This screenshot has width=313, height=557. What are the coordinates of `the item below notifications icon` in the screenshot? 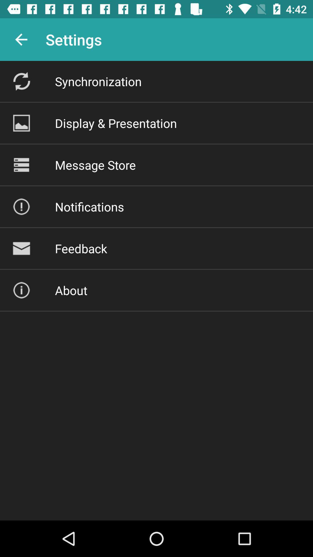 It's located at (81, 248).